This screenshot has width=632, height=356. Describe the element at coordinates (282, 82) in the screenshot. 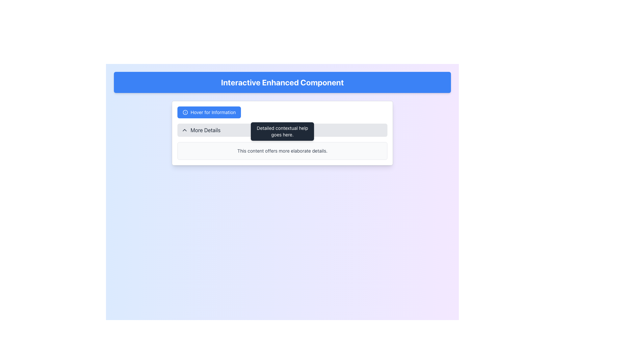

I see `the blue banner at the top of the interface that displays the bold, centered white text 'Interactive Enhanced Component'` at that location.